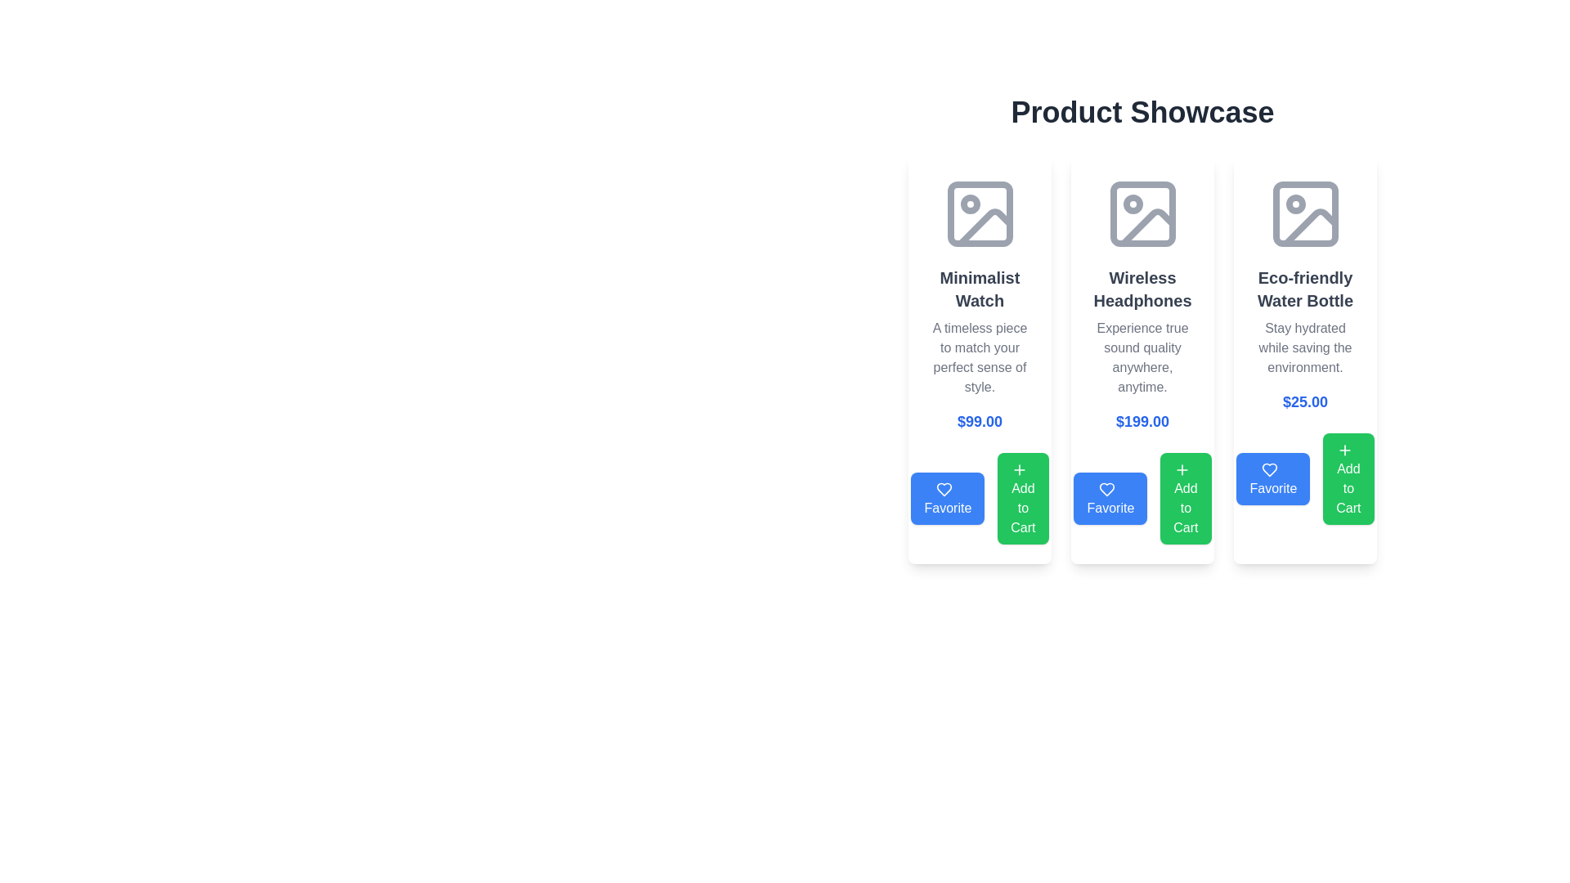 Image resolution: width=1570 pixels, height=883 pixels. Describe the element at coordinates (1142, 358) in the screenshot. I see `the product card in the second column of the product showcase` at that location.